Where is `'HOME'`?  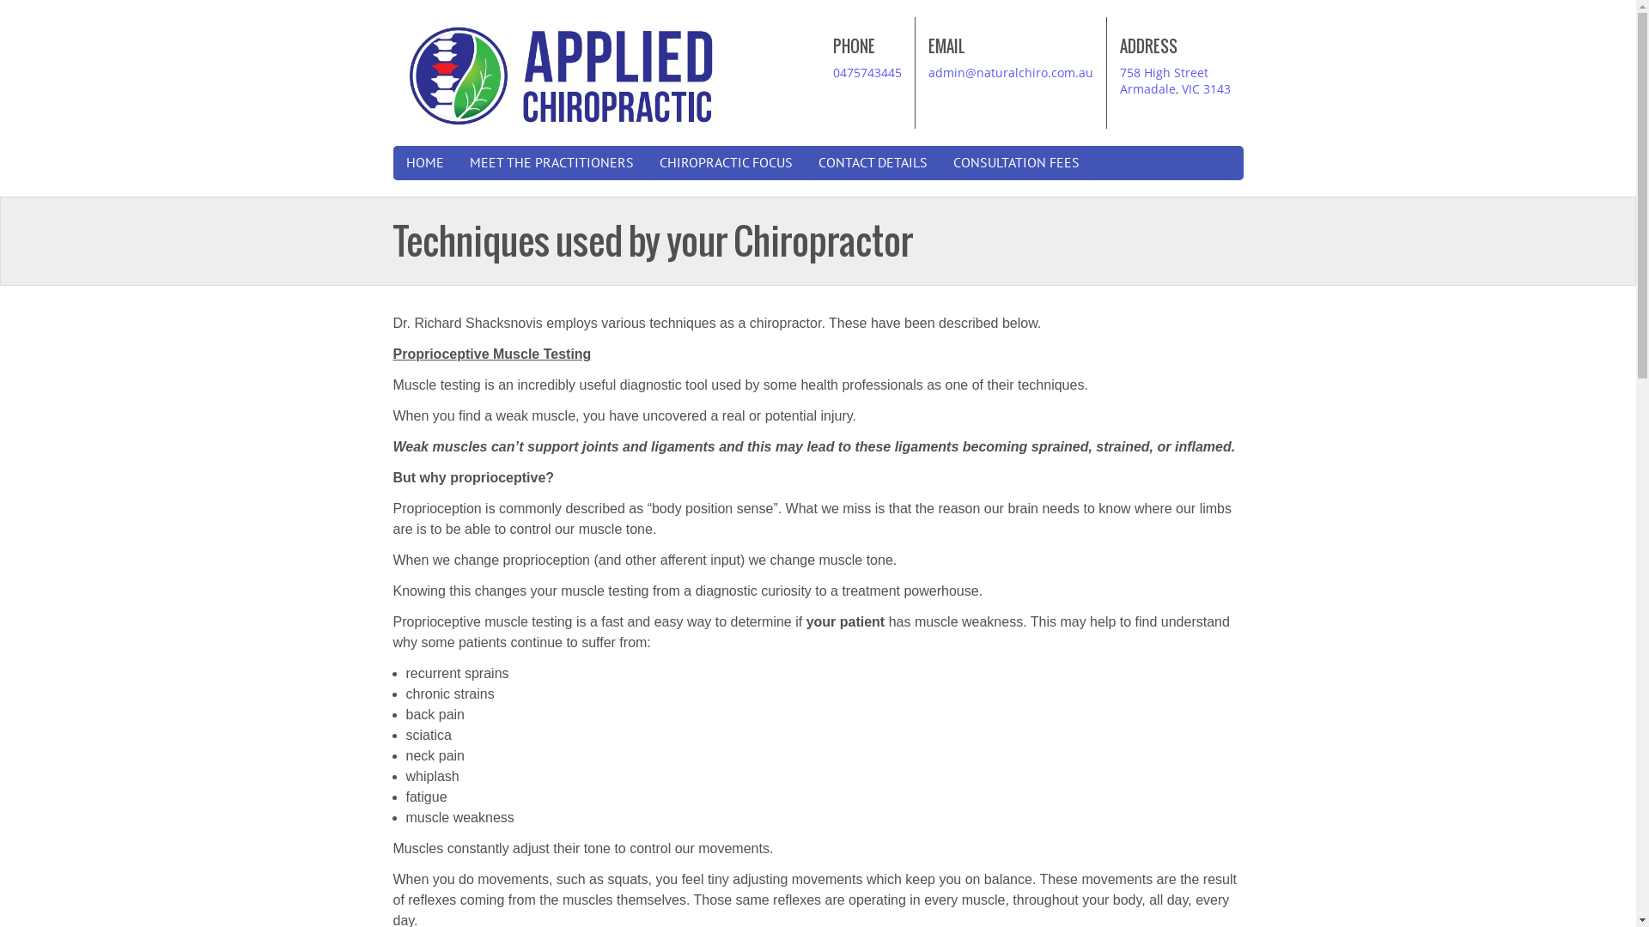
'HOME' is located at coordinates (424, 162).